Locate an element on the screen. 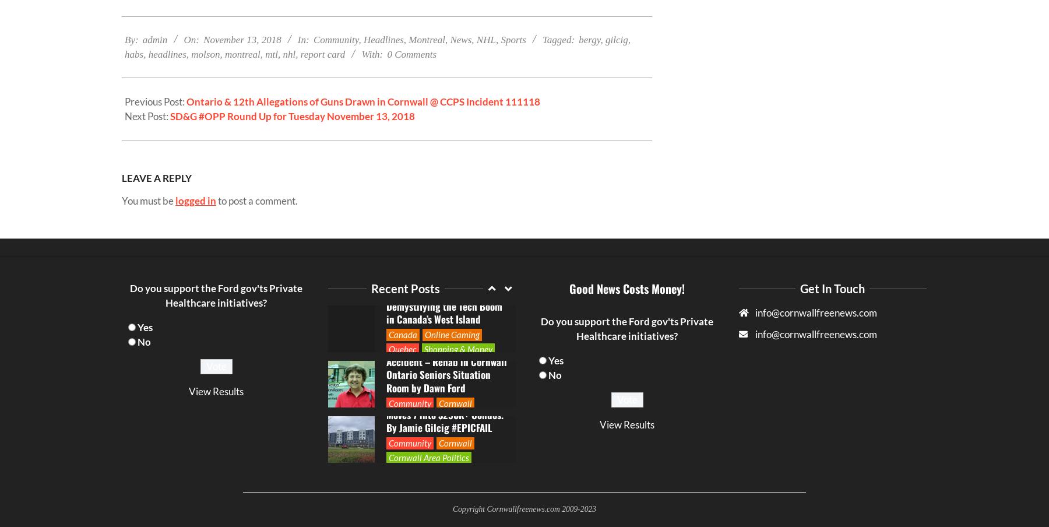 This screenshot has width=1049, height=527. 'Demystifying the Tech Boom in Canada’s West Island' is located at coordinates (443, 149).